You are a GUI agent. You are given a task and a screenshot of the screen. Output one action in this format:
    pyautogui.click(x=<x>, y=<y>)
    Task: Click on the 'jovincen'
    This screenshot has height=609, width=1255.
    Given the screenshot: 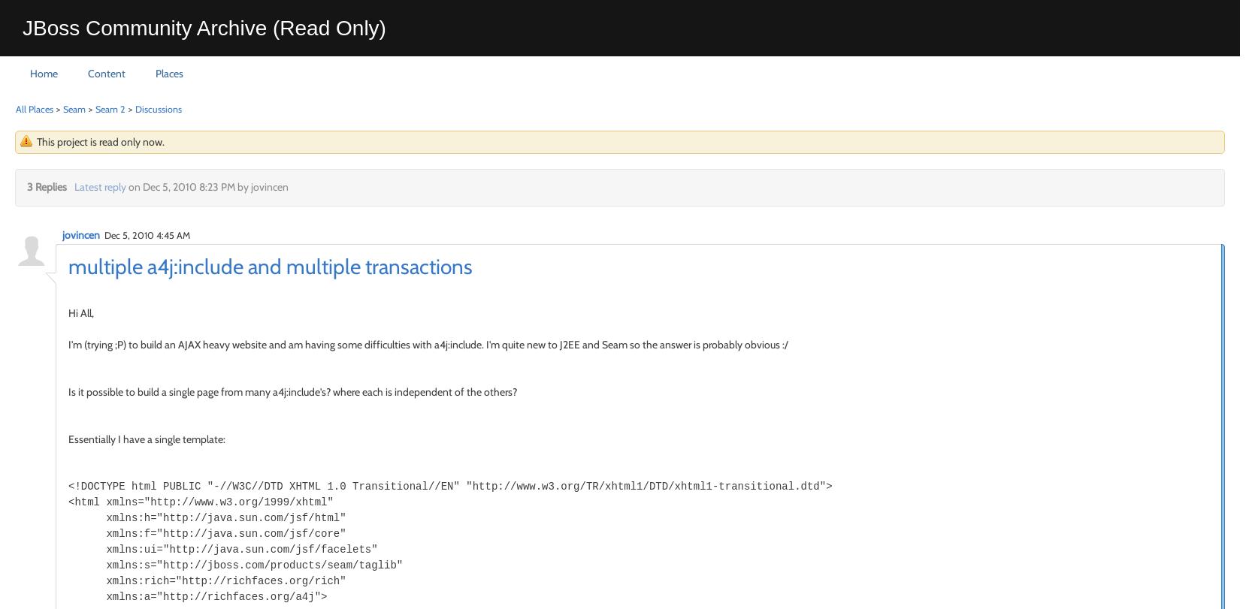 What is the action you would take?
    pyautogui.click(x=80, y=234)
    